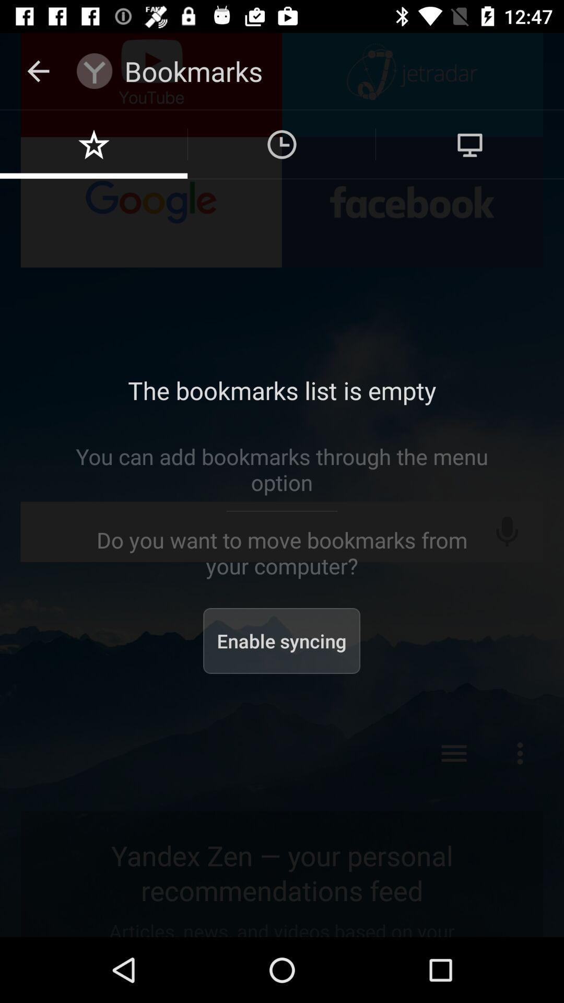 The image size is (564, 1003). I want to click on the enable syncing item, so click(281, 640).